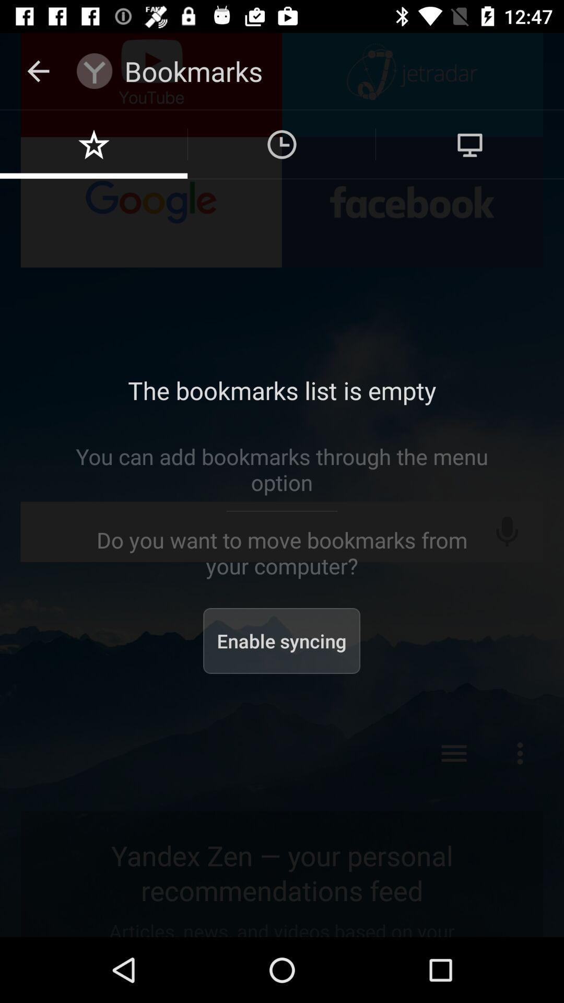 The image size is (564, 1003). I want to click on the enable syncing item, so click(281, 640).